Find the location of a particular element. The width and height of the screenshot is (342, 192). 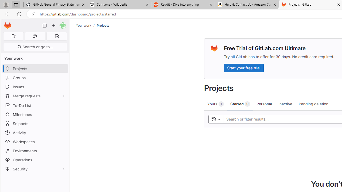

'Milestones' is located at coordinates (35, 114).